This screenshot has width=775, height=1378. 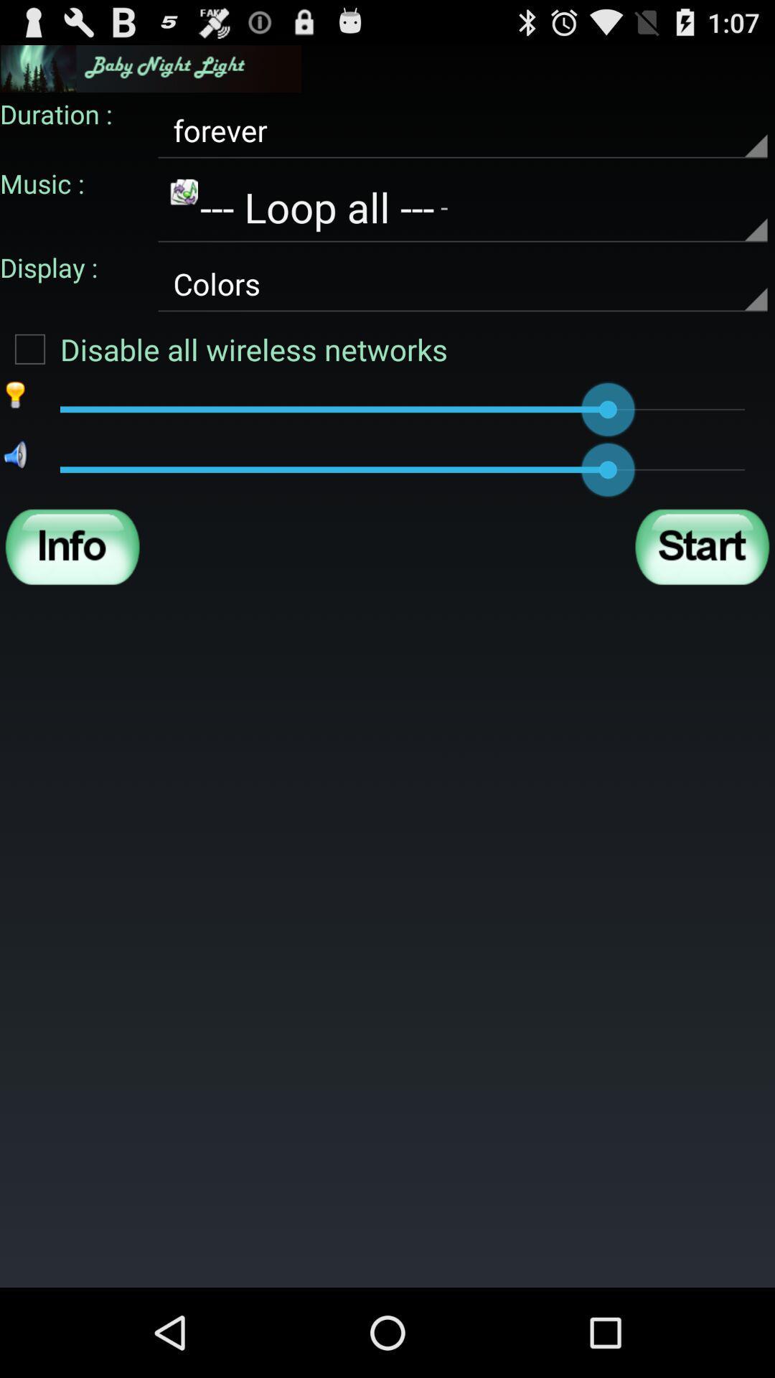 I want to click on information, so click(x=72, y=546).